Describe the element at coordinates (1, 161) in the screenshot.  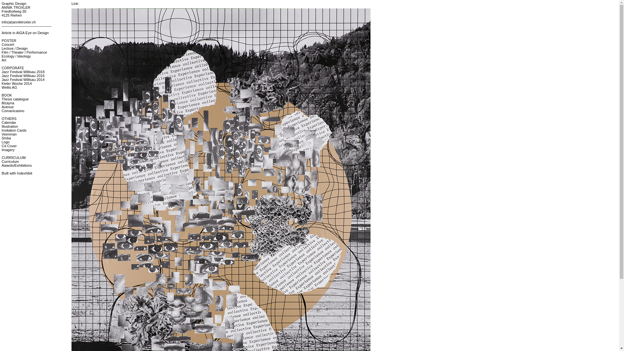
I see `'Curriculum'` at that location.